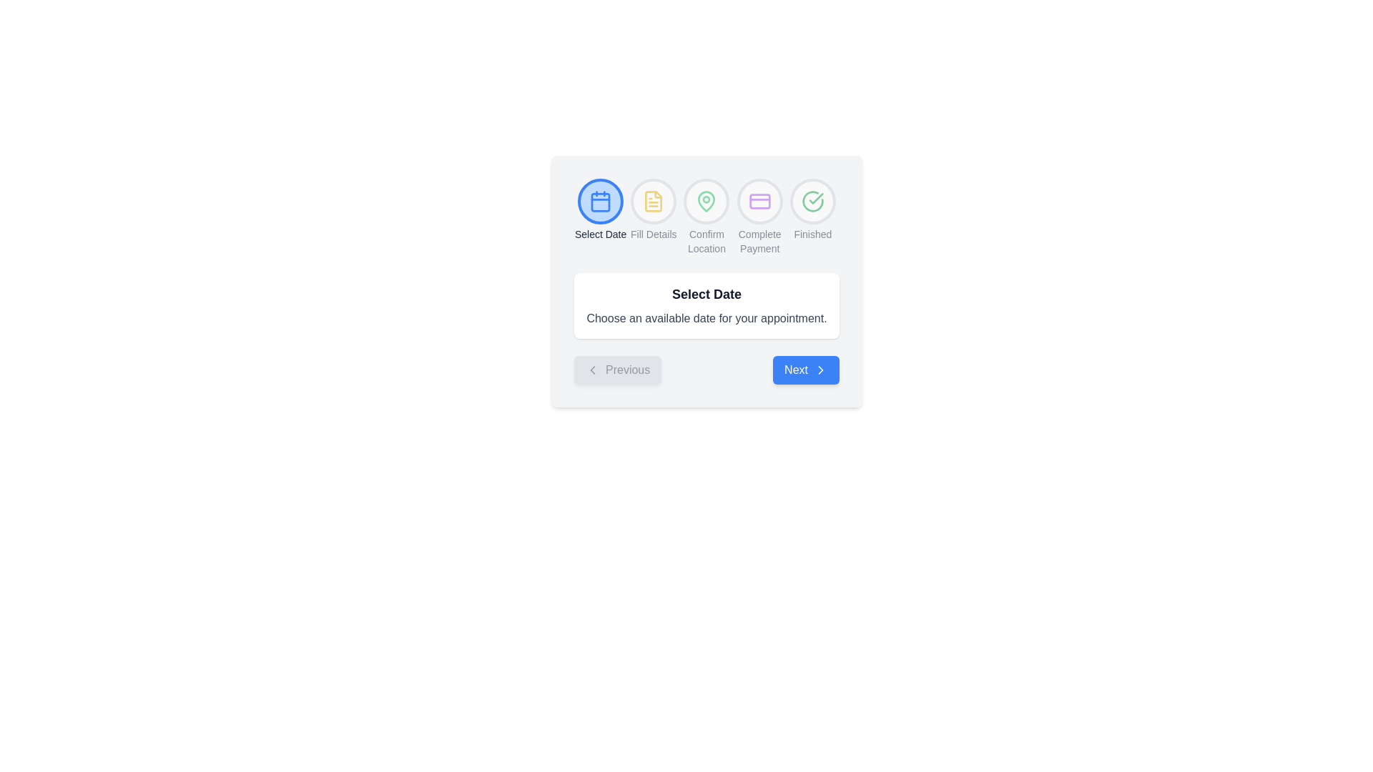 This screenshot has width=1373, height=772. Describe the element at coordinates (707, 201) in the screenshot. I see `the map pin shaped icon that is the third icon from the left in the 'Confirm Location' step at the top of the dialog interface` at that location.